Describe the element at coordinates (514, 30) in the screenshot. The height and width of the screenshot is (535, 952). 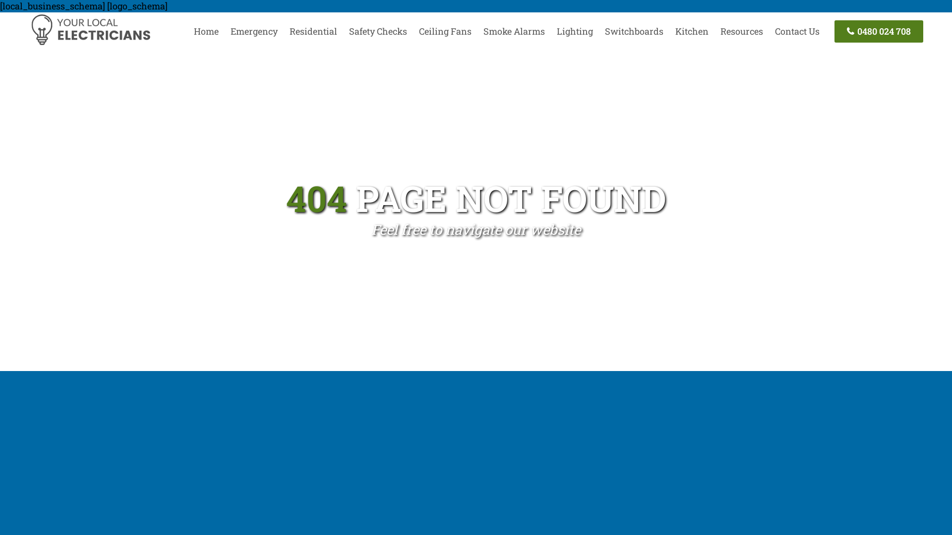
I see `'Smoke Alarms'` at that location.